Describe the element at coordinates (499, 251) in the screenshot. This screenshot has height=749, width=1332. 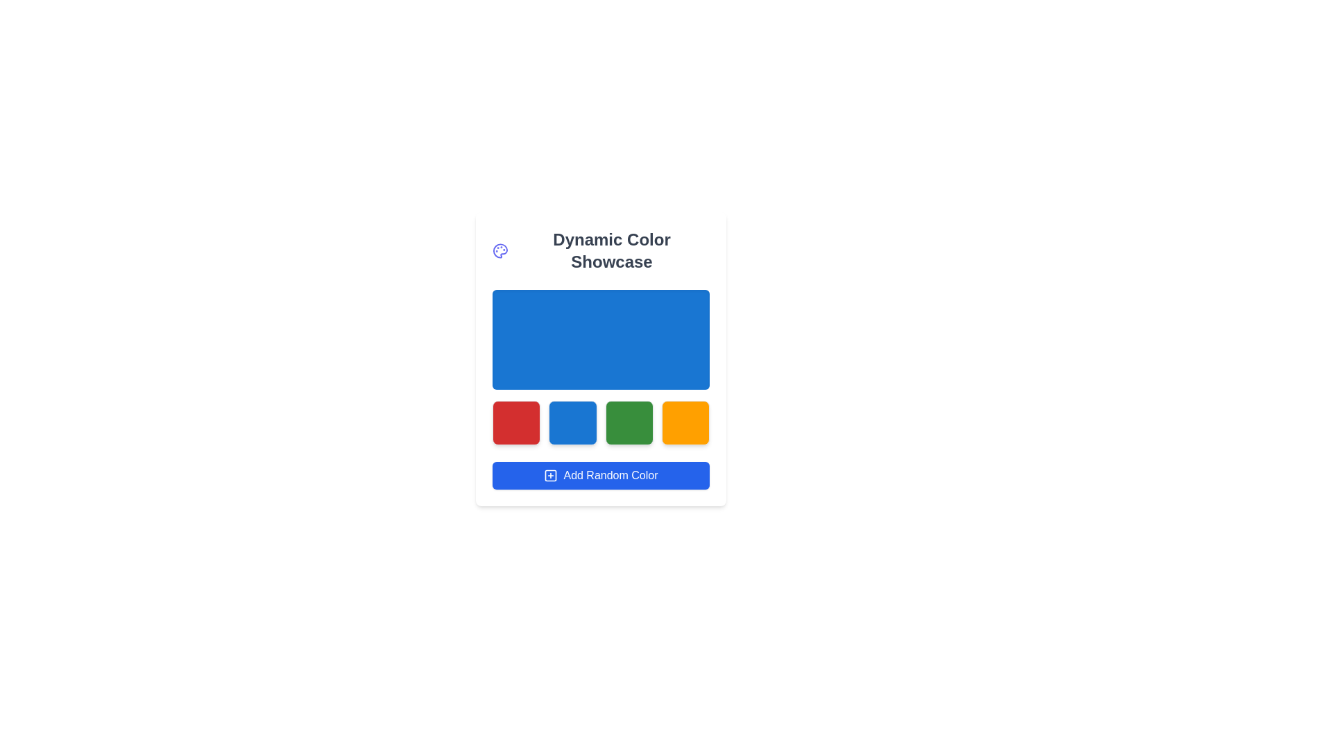
I see `the SVG icon resembling a palette, located to the left of the heading text 'Dynamic Color Showcase' in the upper section of the interface card` at that location.